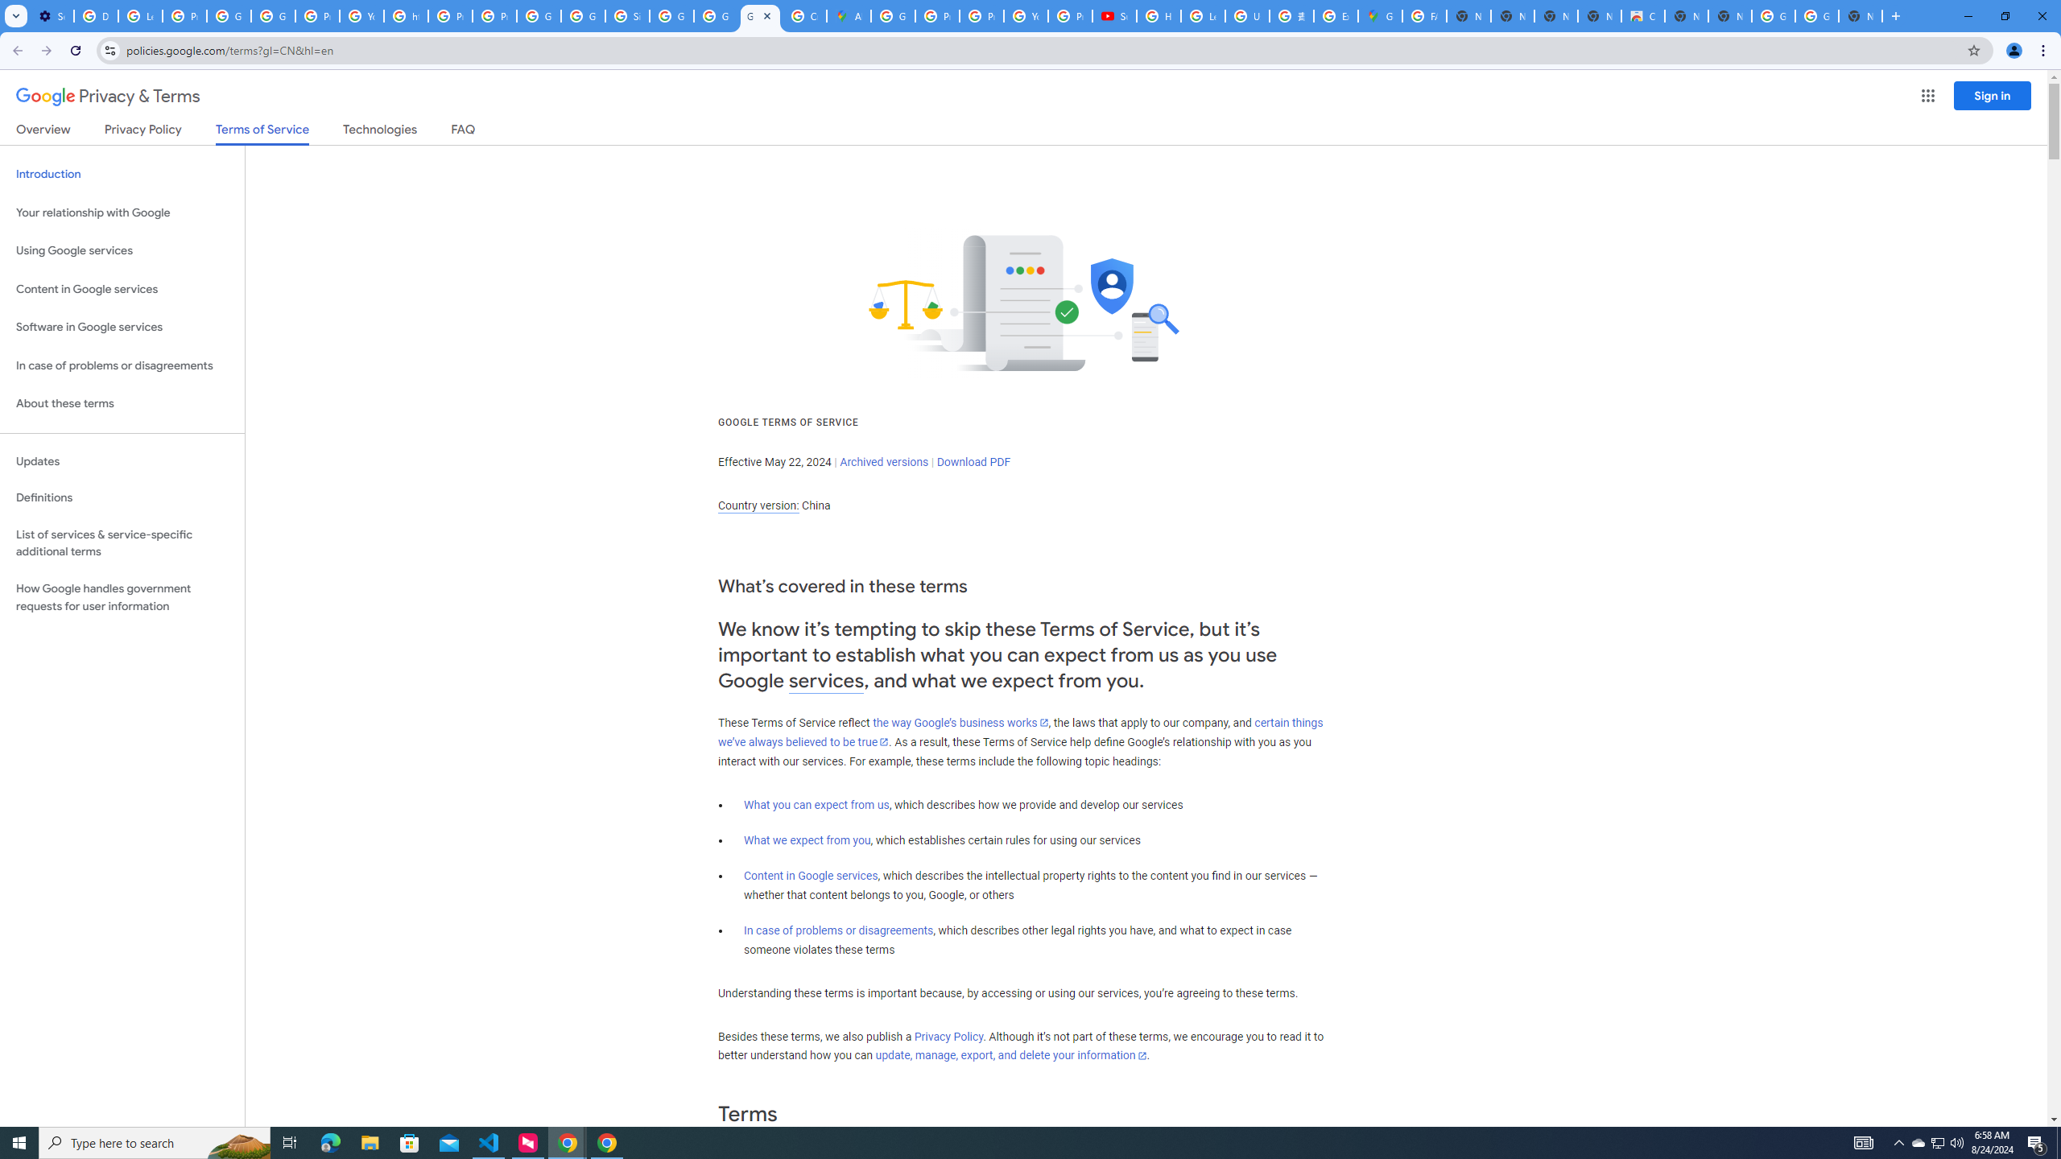  What do you see at coordinates (1159, 15) in the screenshot?
I see `'How Chrome protects your passwords - Google Chrome Help'` at bounding box center [1159, 15].